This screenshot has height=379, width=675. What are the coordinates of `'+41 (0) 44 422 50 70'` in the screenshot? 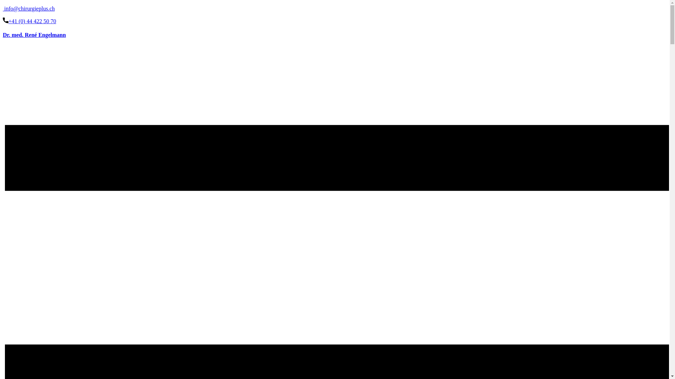 It's located at (3, 21).